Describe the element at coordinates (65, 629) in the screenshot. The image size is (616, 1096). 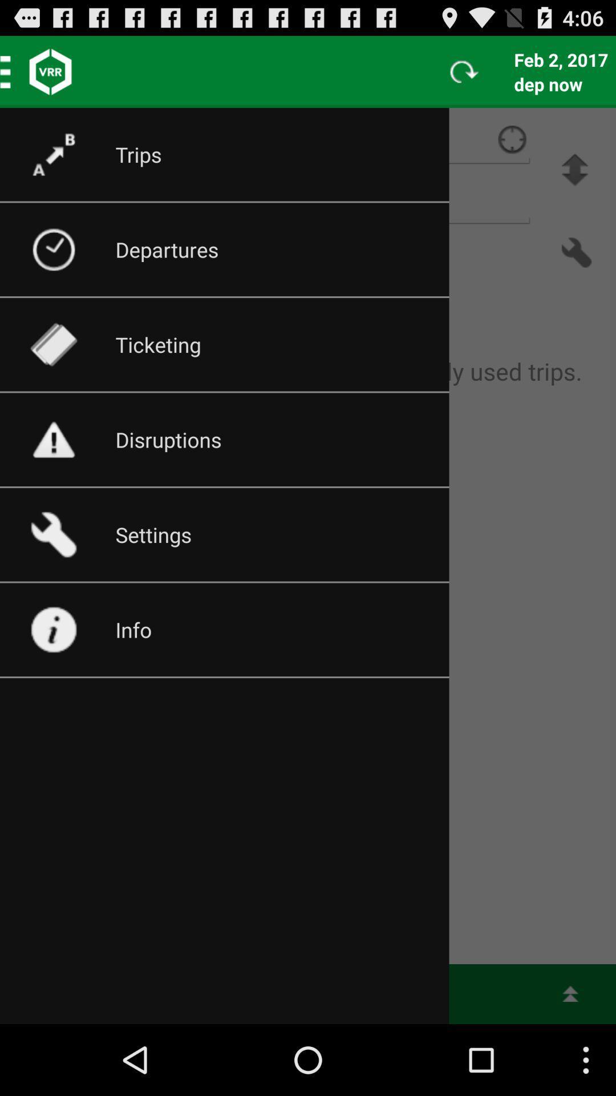
I see `the icon on the info button on the web page` at that location.